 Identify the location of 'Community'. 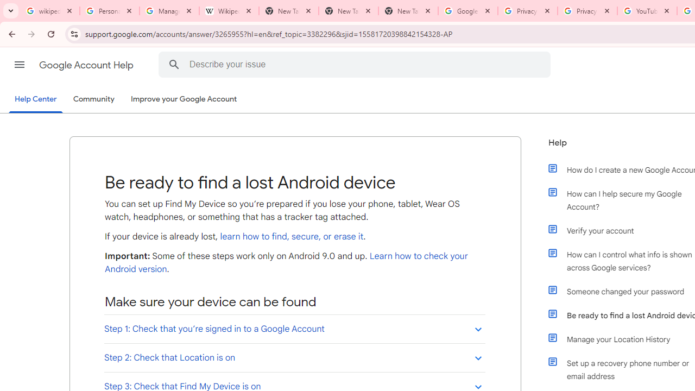
(93, 99).